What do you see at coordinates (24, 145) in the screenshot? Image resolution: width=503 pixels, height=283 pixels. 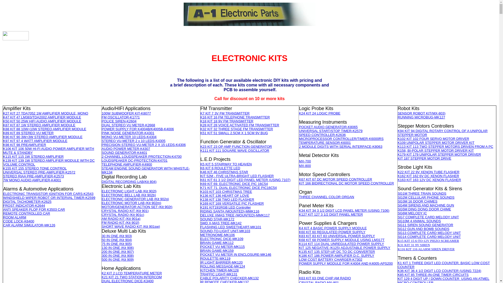 I see `'K98 KIT 98 PREAMPLIFIER'` at bounding box center [24, 145].